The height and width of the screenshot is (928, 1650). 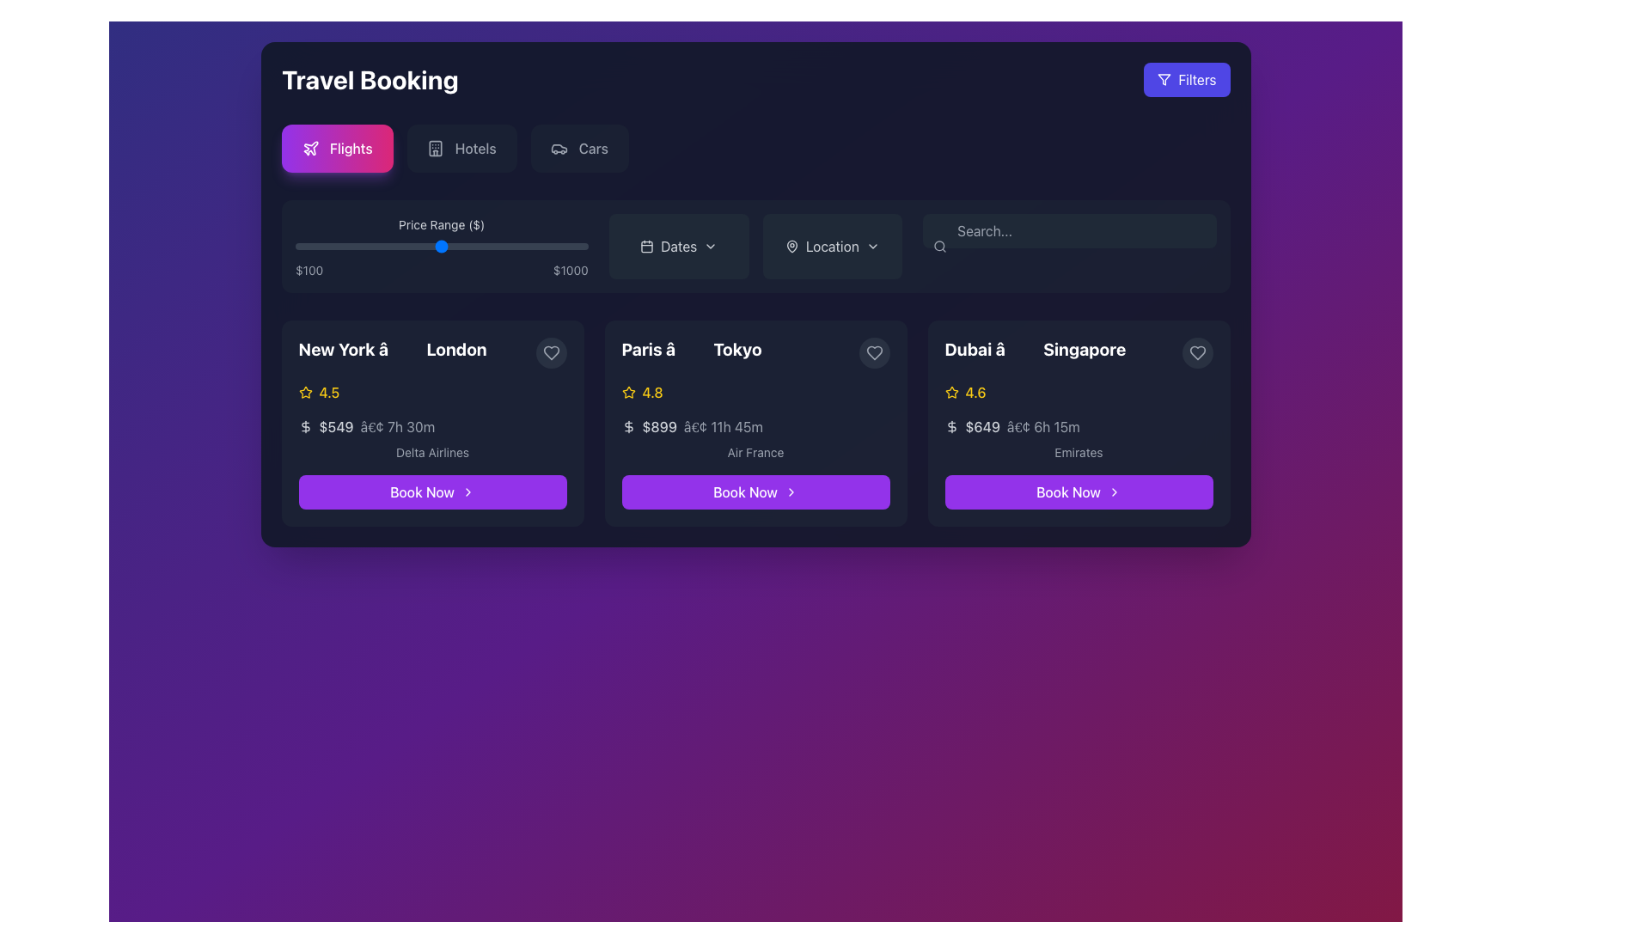 What do you see at coordinates (432, 492) in the screenshot?
I see `the booking button at the bottom center of the flight offer card from 'New York' to 'London'` at bounding box center [432, 492].